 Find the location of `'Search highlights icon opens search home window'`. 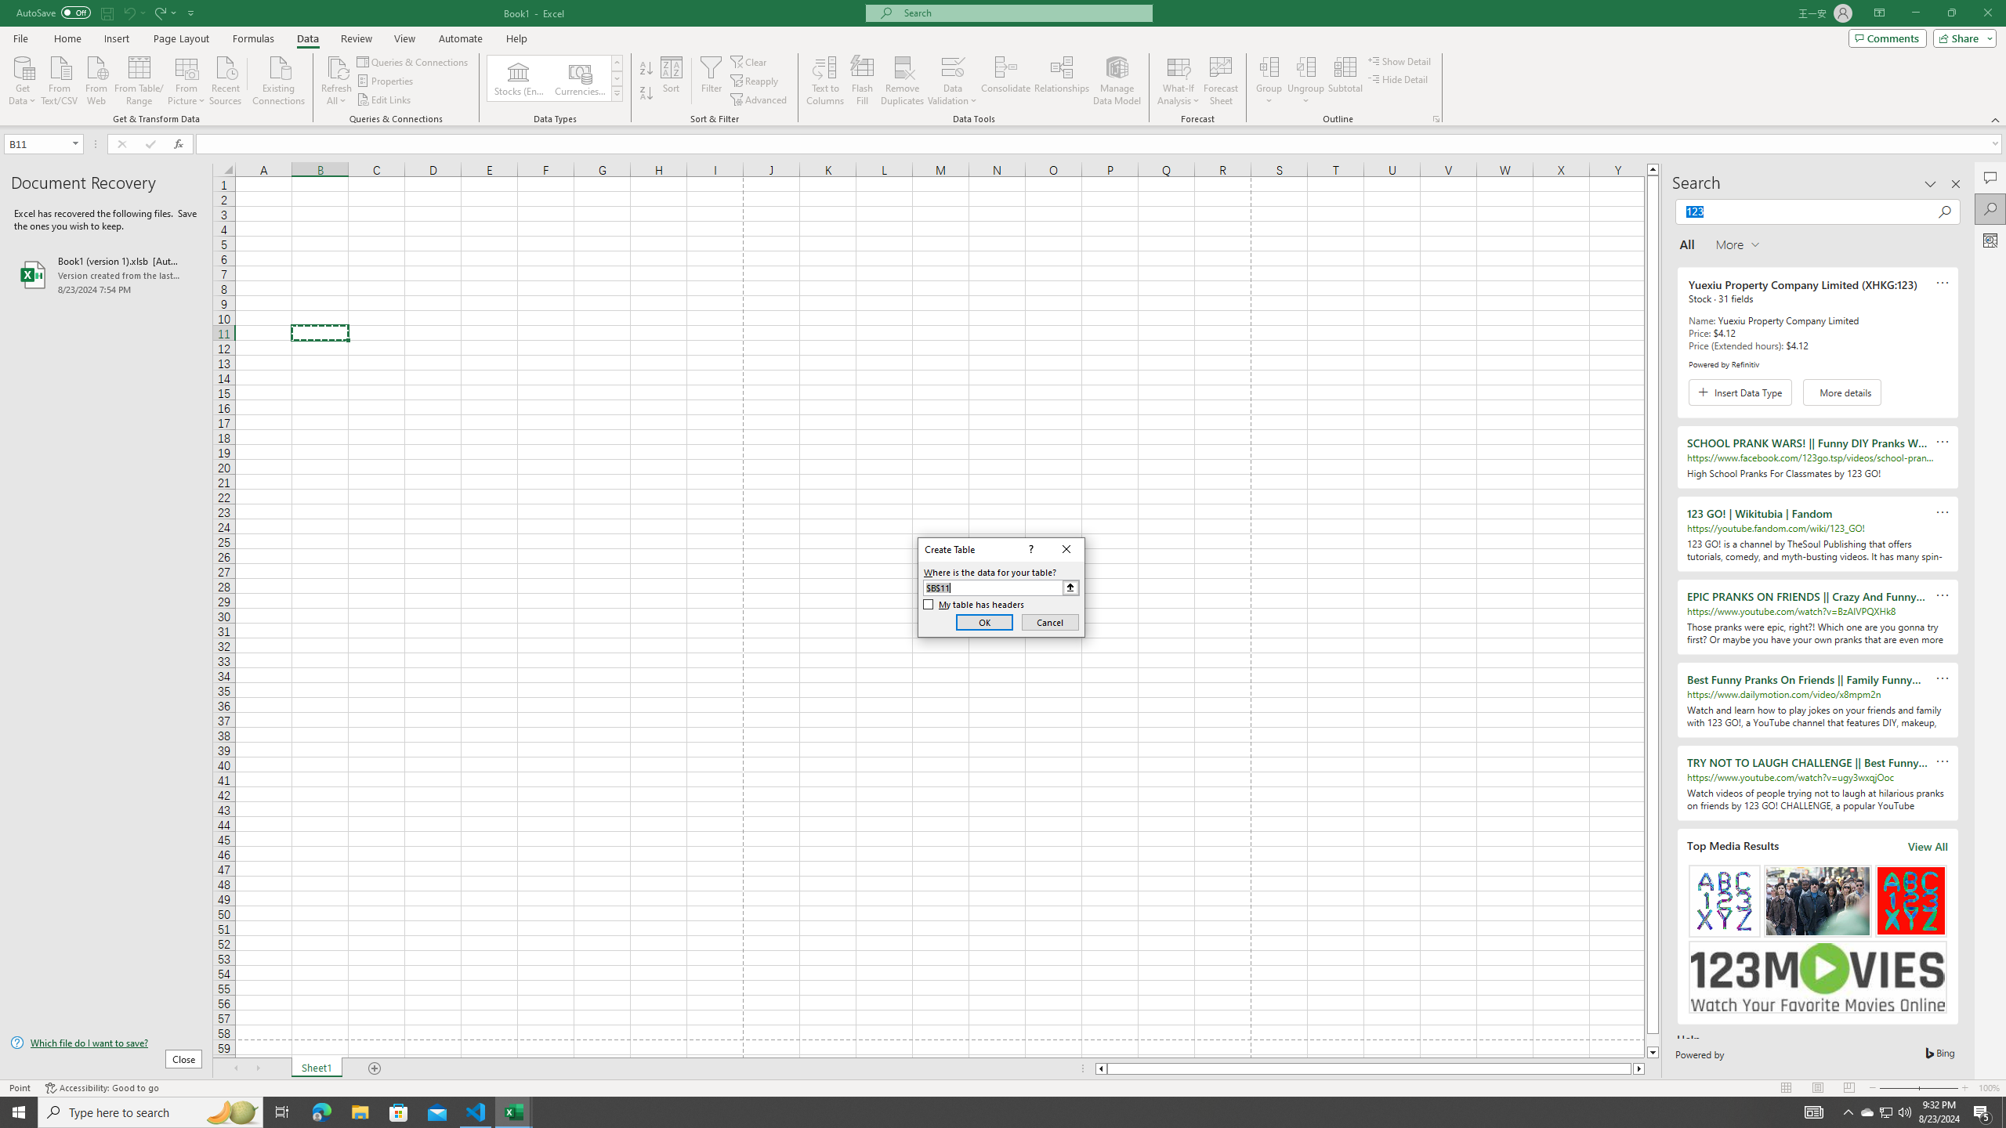

'Search highlights icon opens search home window' is located at coordinates (230, 1111).